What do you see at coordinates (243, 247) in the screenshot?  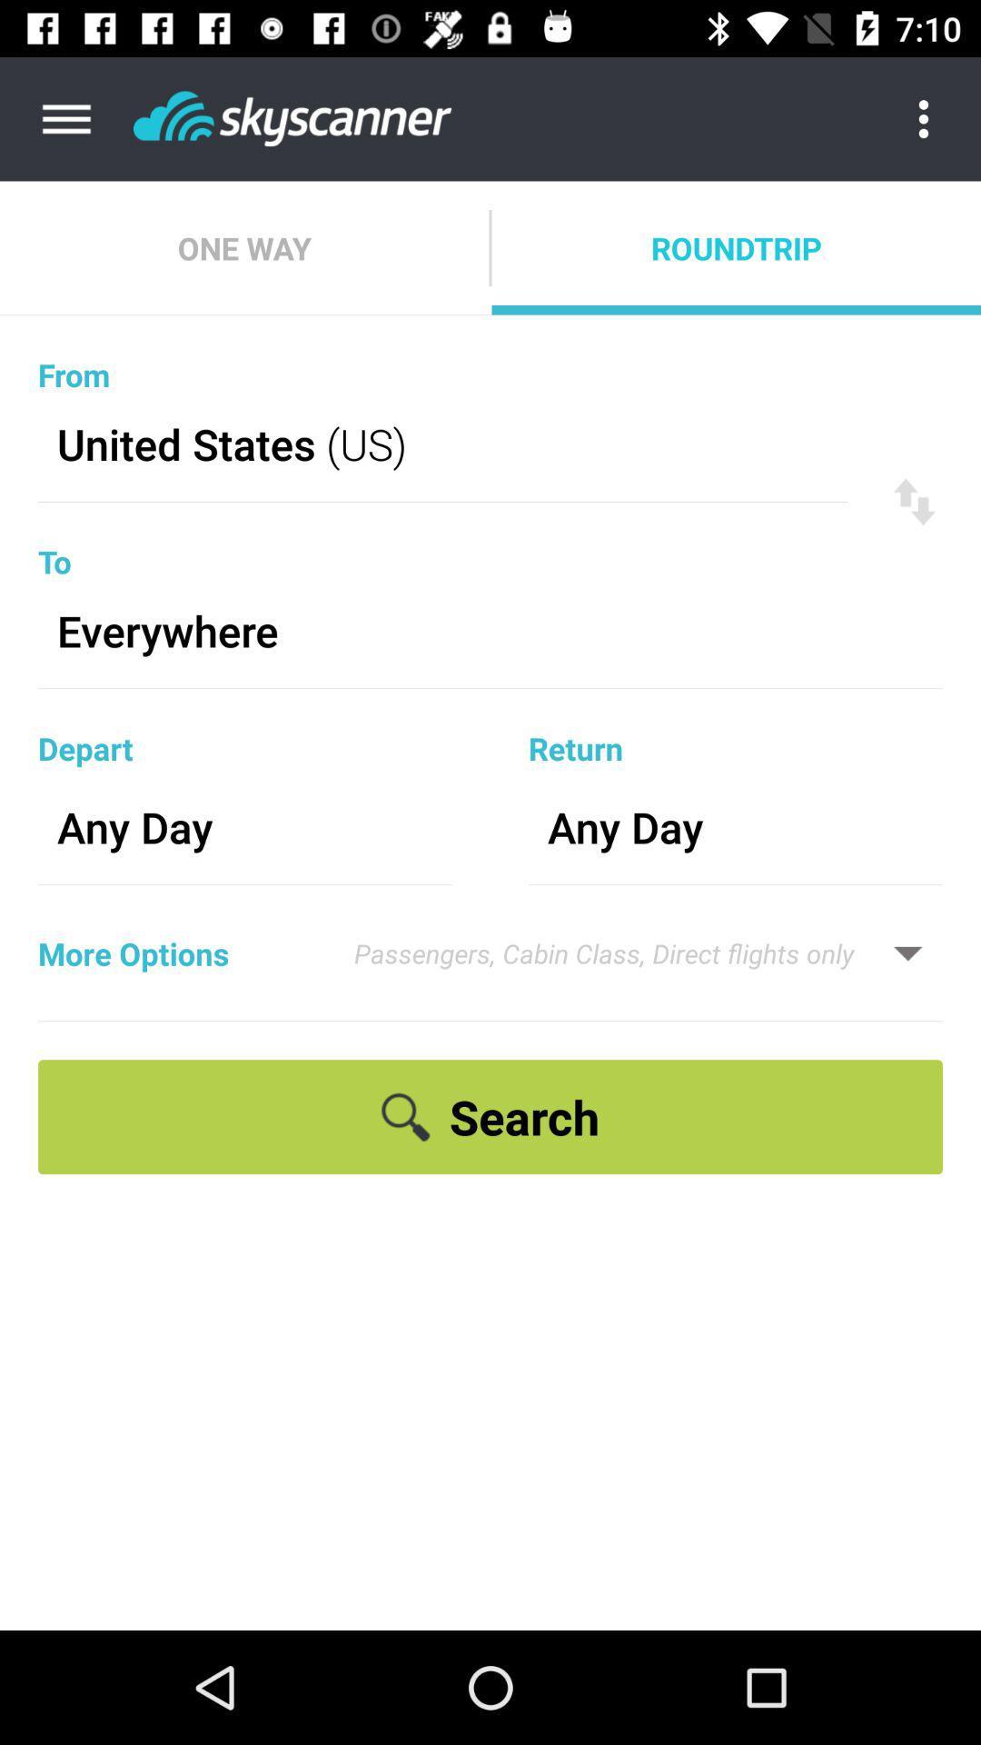 I see `the one way icon` at bounding box center [243, 247].